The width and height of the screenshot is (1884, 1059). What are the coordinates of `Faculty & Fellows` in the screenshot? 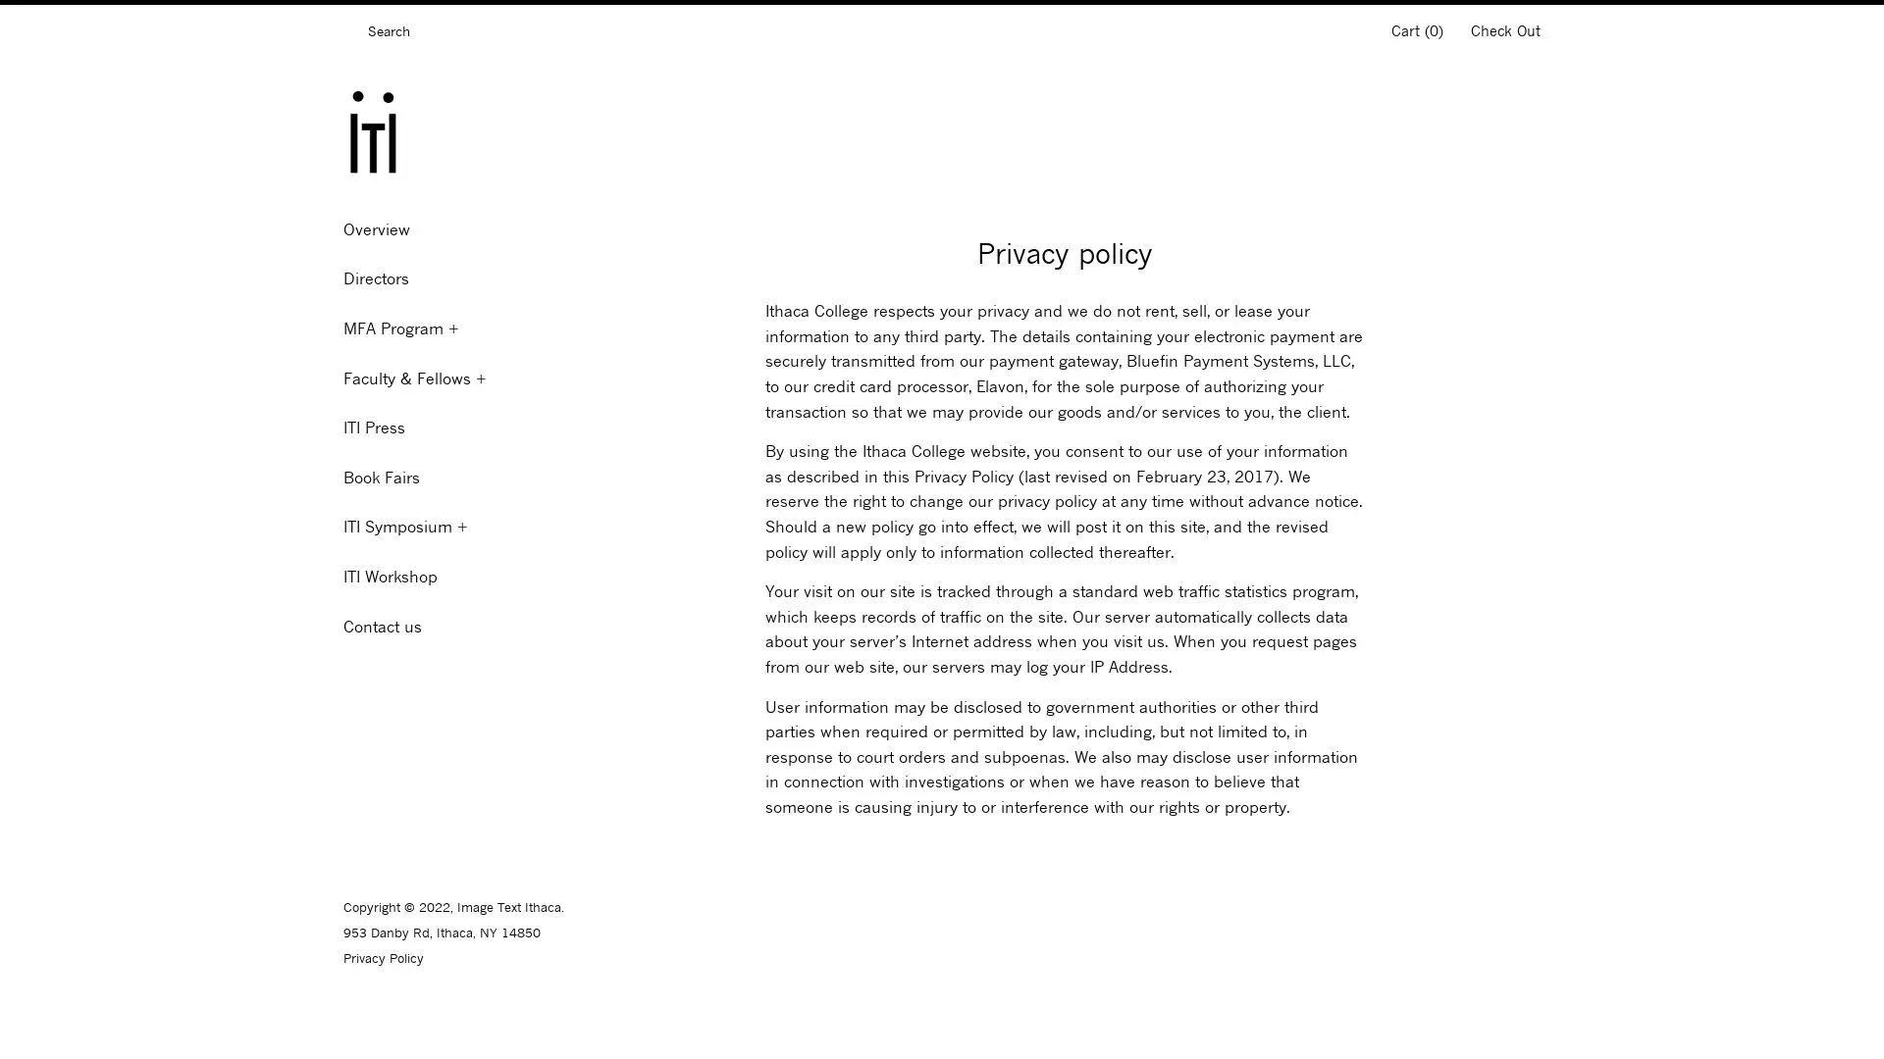 It's located at (450, 378).